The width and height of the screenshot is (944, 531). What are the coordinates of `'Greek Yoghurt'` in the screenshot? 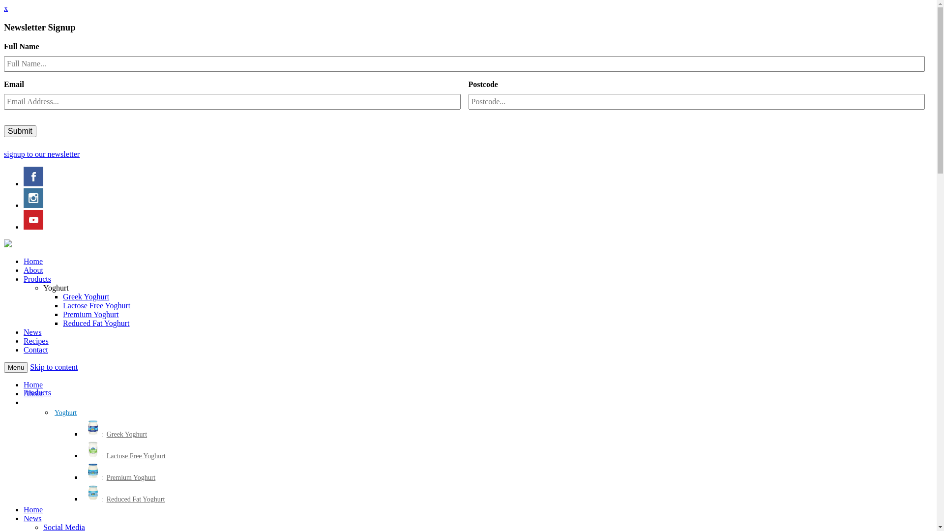 It's located at (86, 296).